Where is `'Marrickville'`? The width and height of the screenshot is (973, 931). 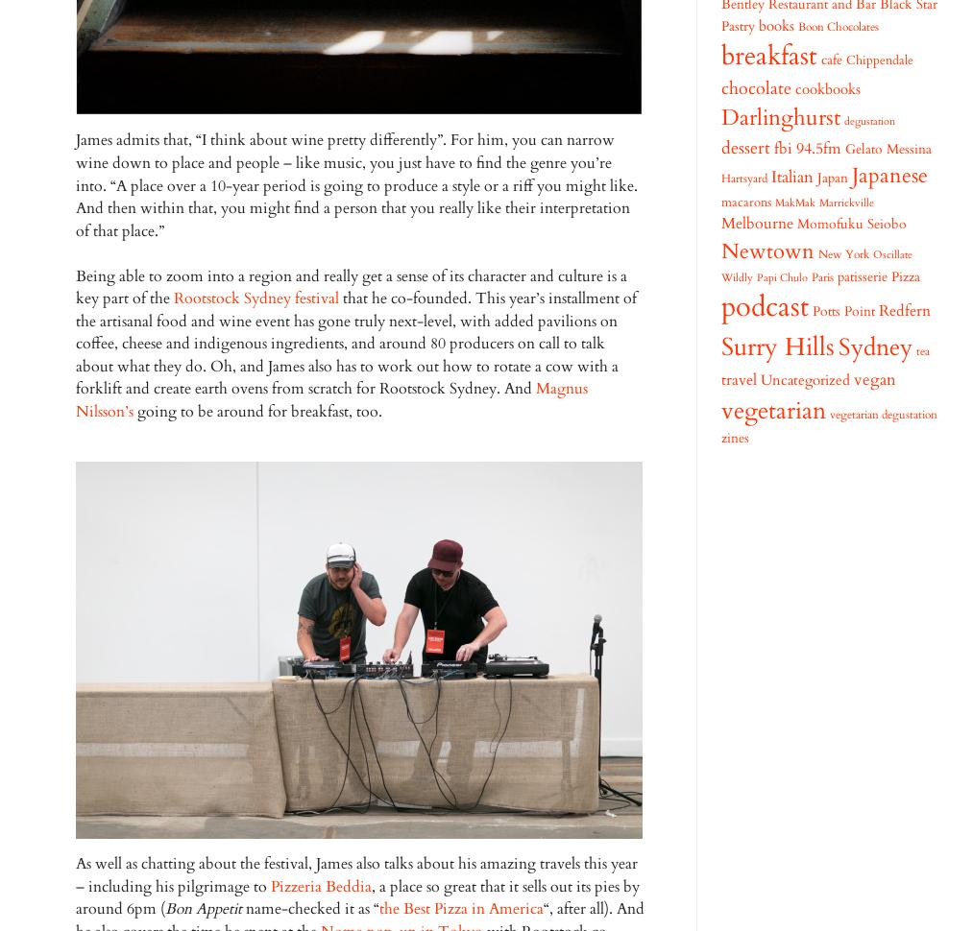 'Marrickville' is located at coordinates (818, 202).